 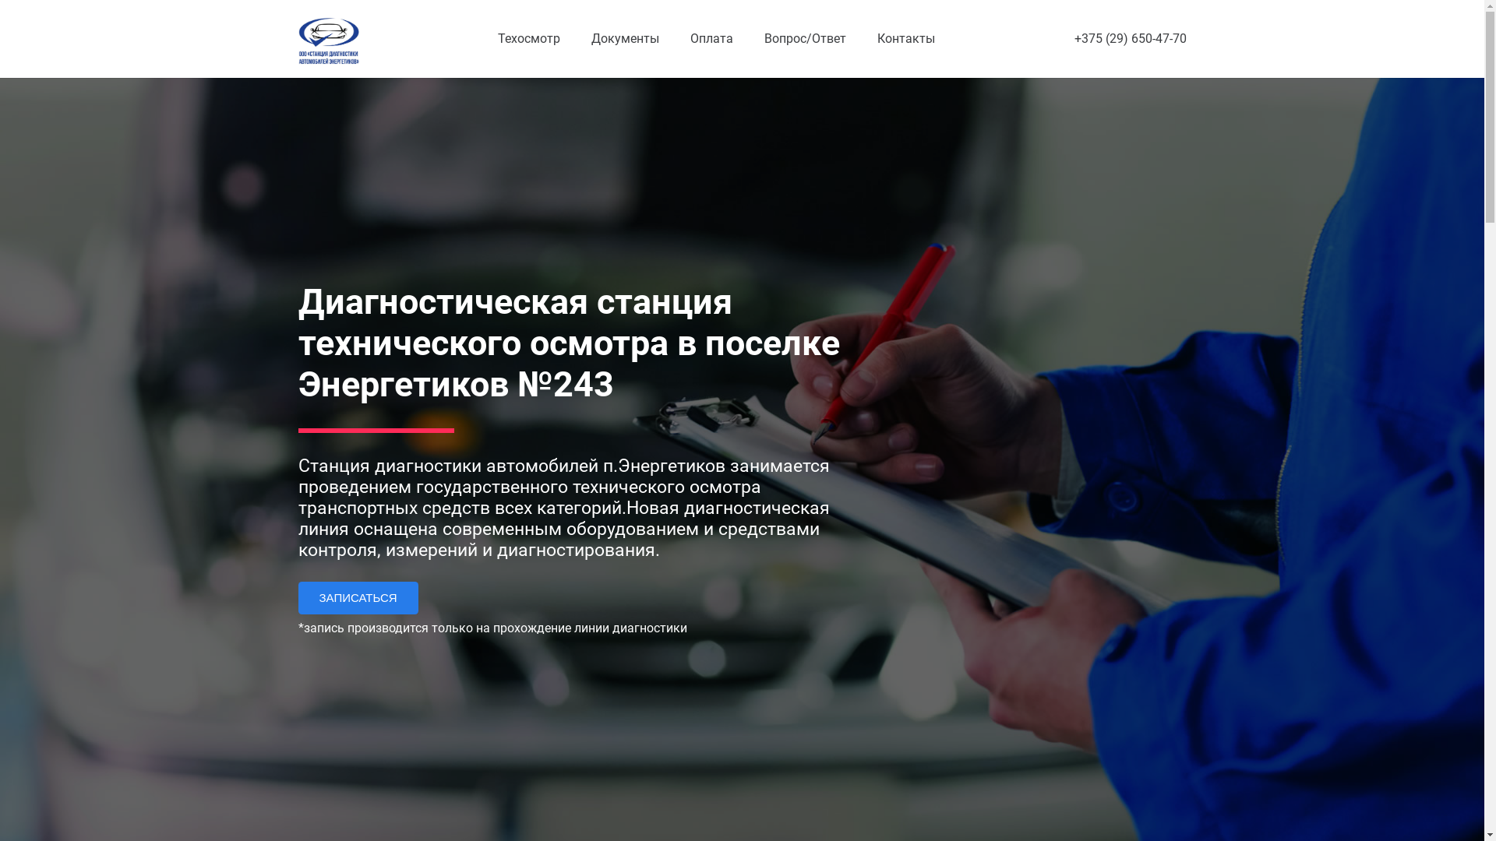 I want to click on '+375 (29) 650-47-70', so click(x=1129, y=37).